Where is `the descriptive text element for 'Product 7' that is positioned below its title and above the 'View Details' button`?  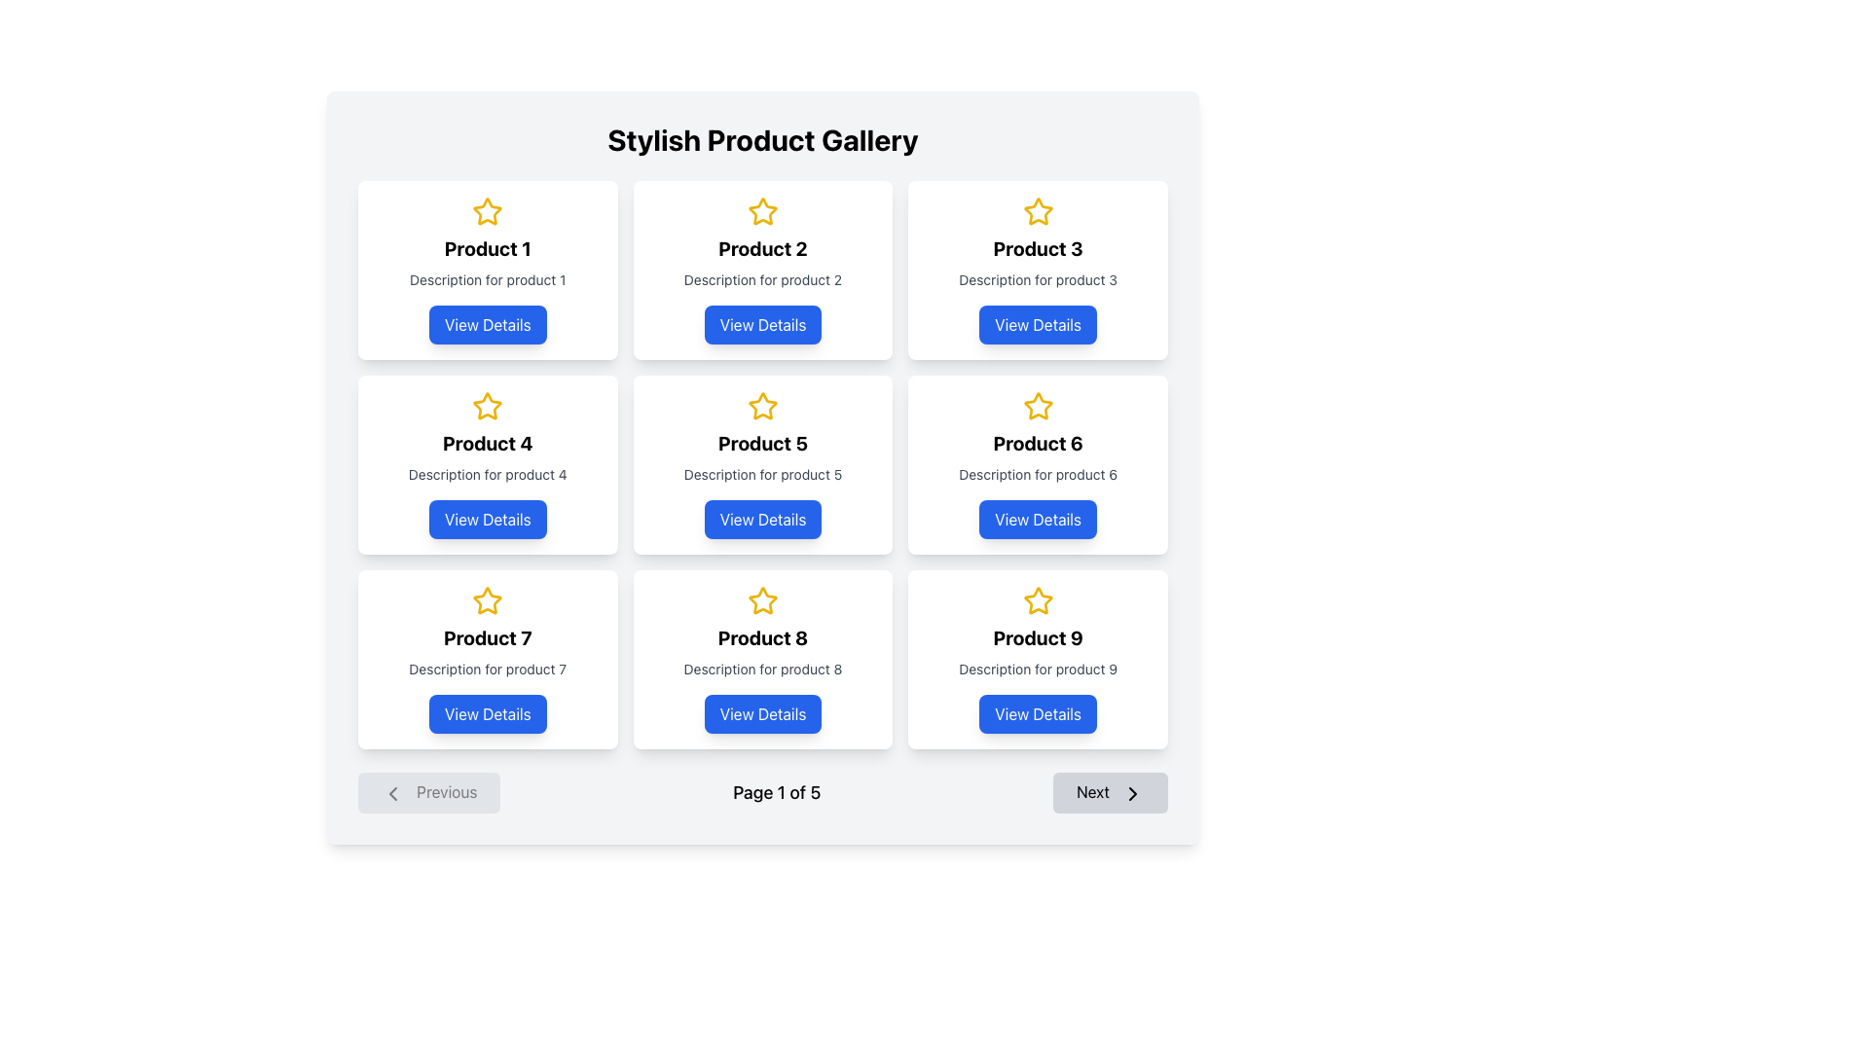 the descriptive text element for 'Product 7' that is positioned below its title and above the 'View Details' button is located at coordinates (488, 668).